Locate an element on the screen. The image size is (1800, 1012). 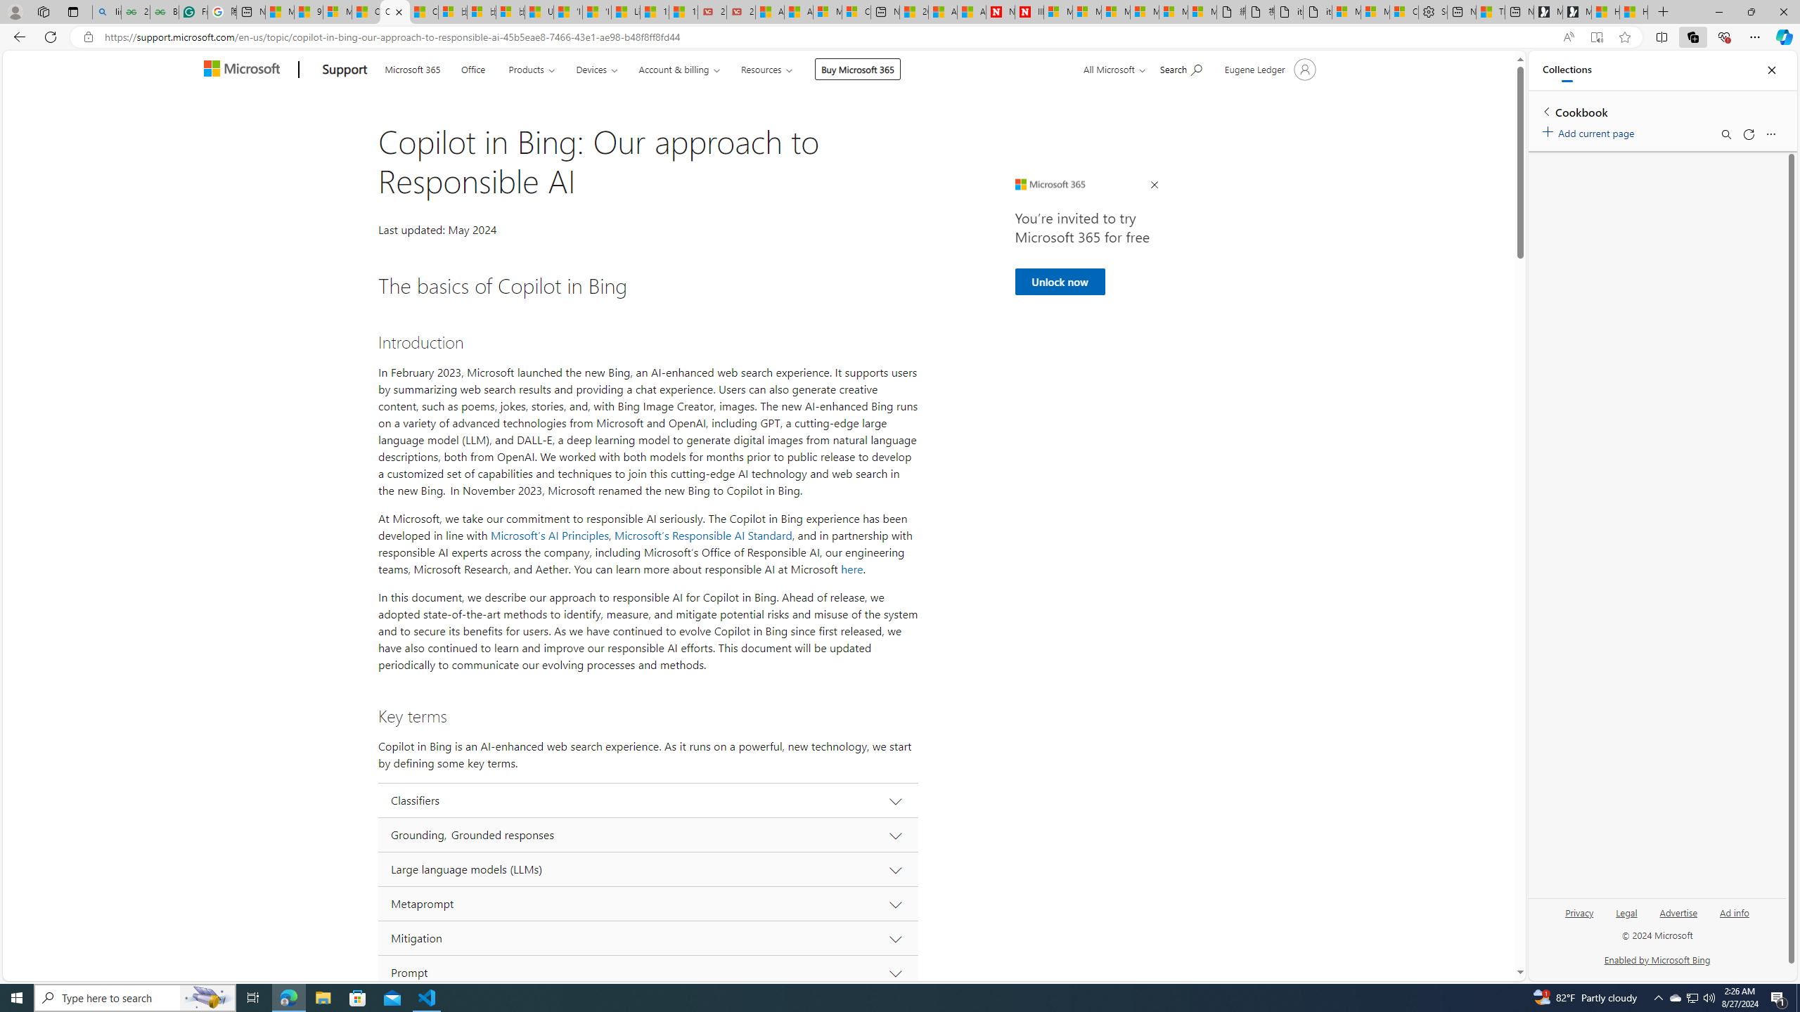
'Three Ways To Stop Sweating So Much' is located at coordinates (1490, 11).